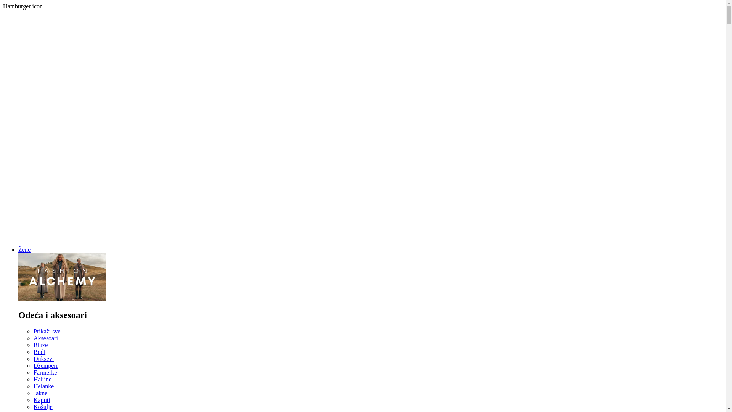 The height and width of the screenshot is (412, 732). I want to click on 'Bodi', so click(39, 352).